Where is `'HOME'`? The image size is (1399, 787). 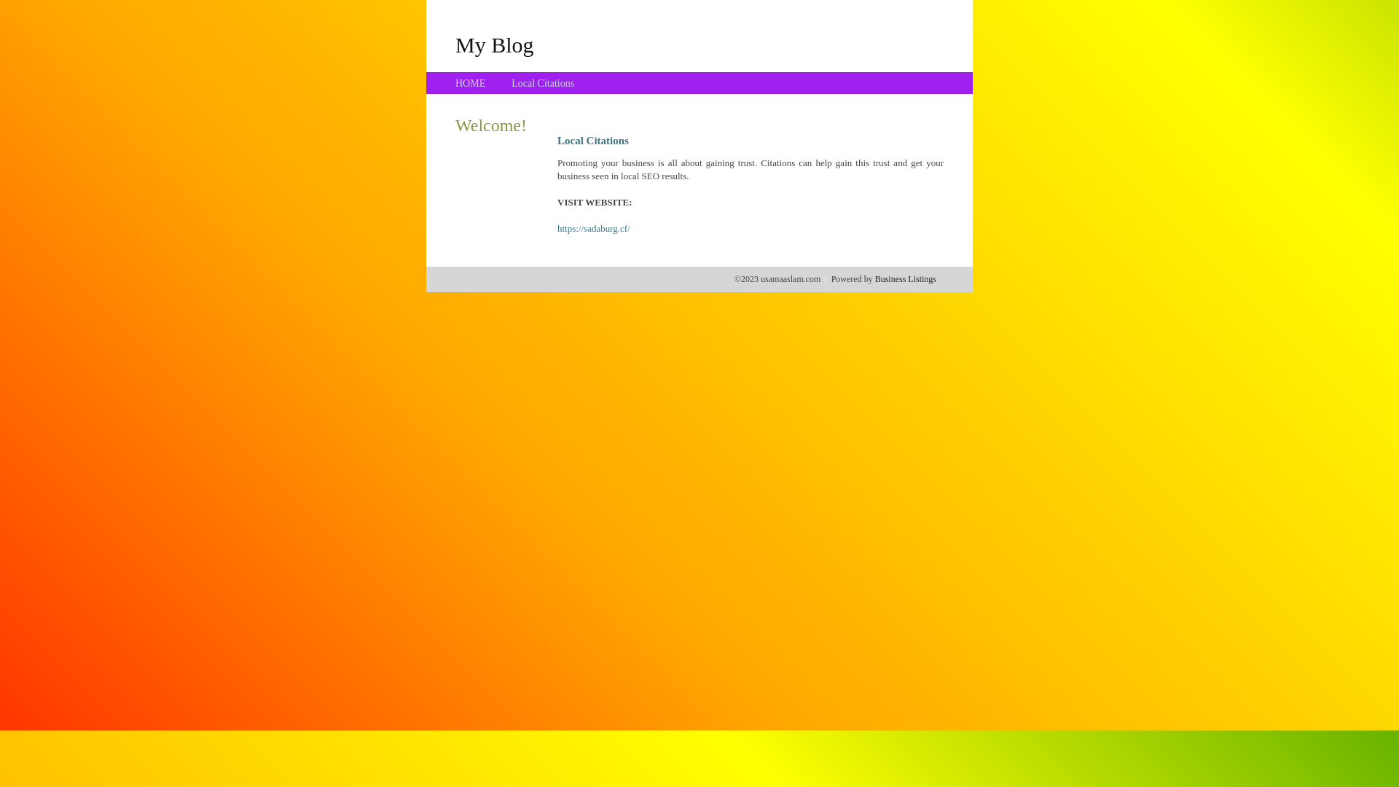 'HOME' is located at coordinates (470, 83).